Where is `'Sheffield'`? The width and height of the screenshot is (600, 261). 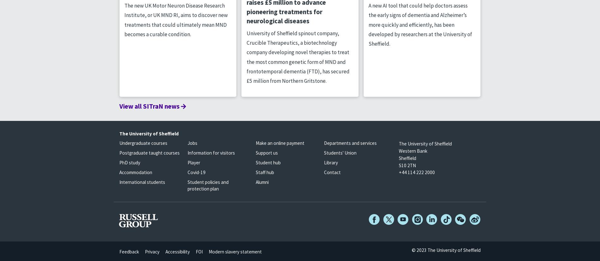
'Sheffield' is located at coordinates (407, 157).